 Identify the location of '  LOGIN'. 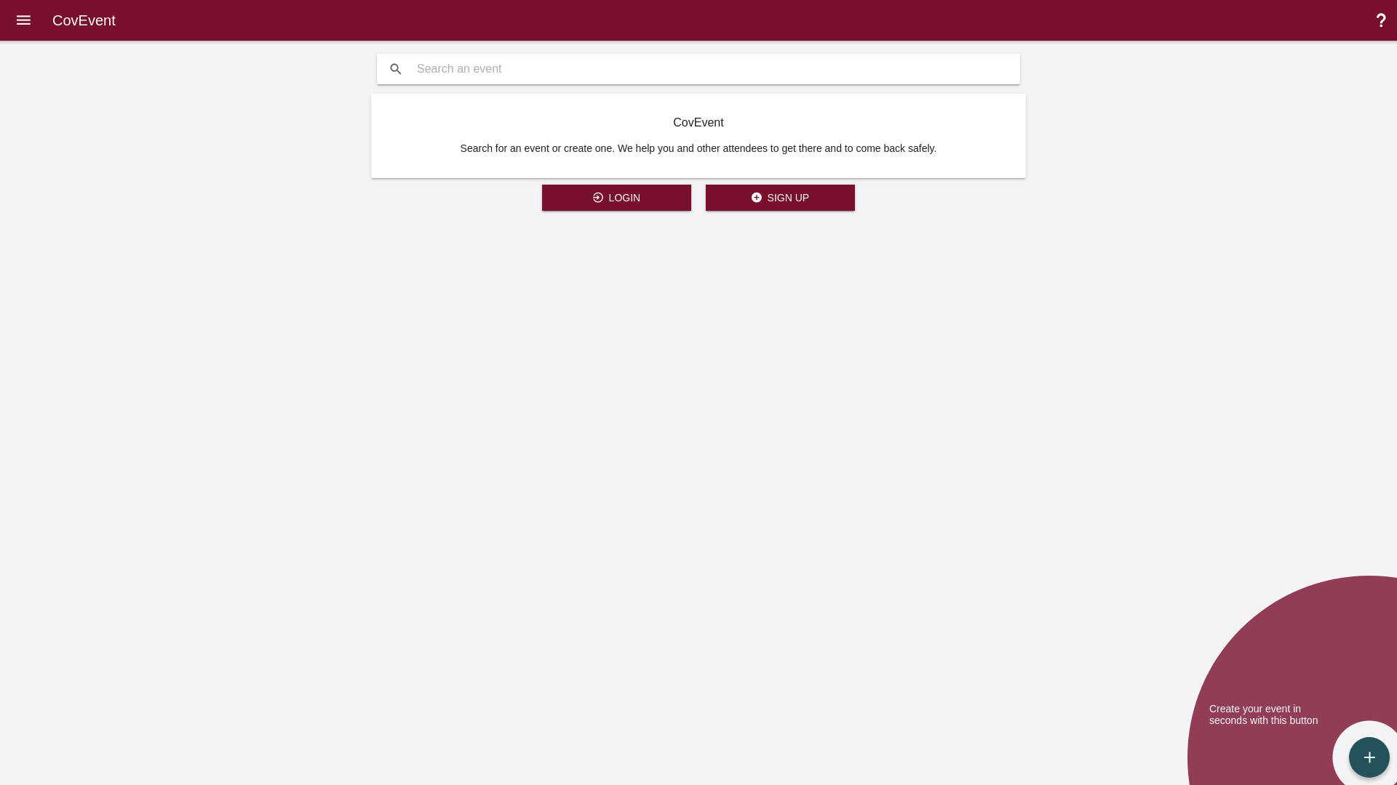
(616, 198).